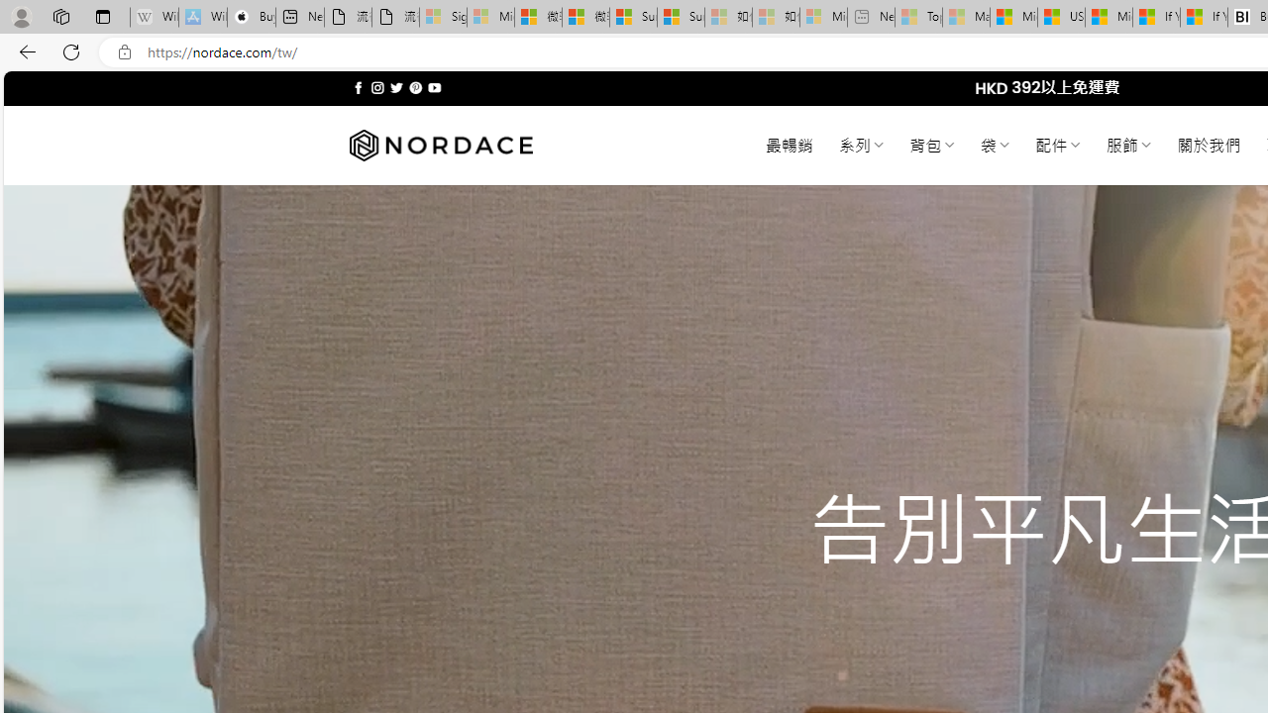  What do you see at coordinates (967, 17) in the screenshot?
I see `'Marine life - MSN - Sleeping'` at bounding box center [967, 17].